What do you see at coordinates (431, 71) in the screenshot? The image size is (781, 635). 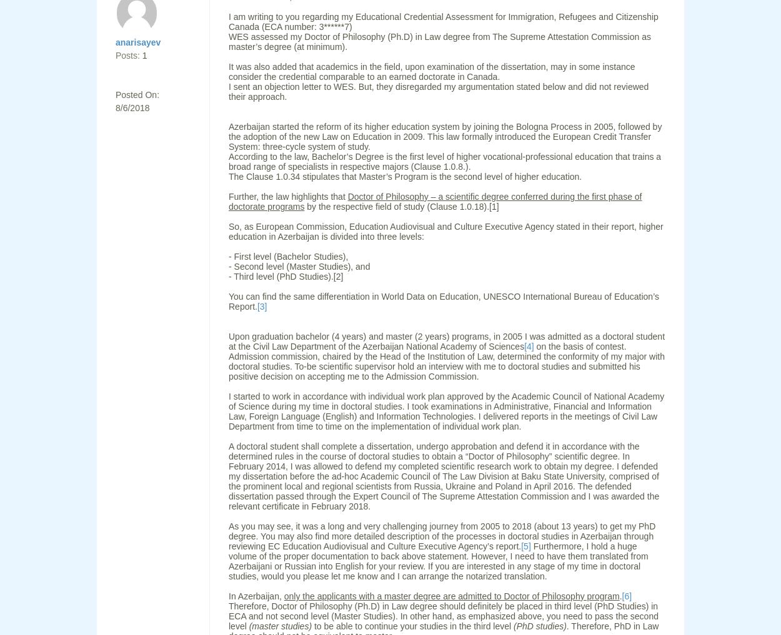 I see `'It was also added that academics in the field, upon examination of the dissertation, may in some instance consider the credential comparable to an earned doctorate in Canada.'` at bounding box center [431, 71].